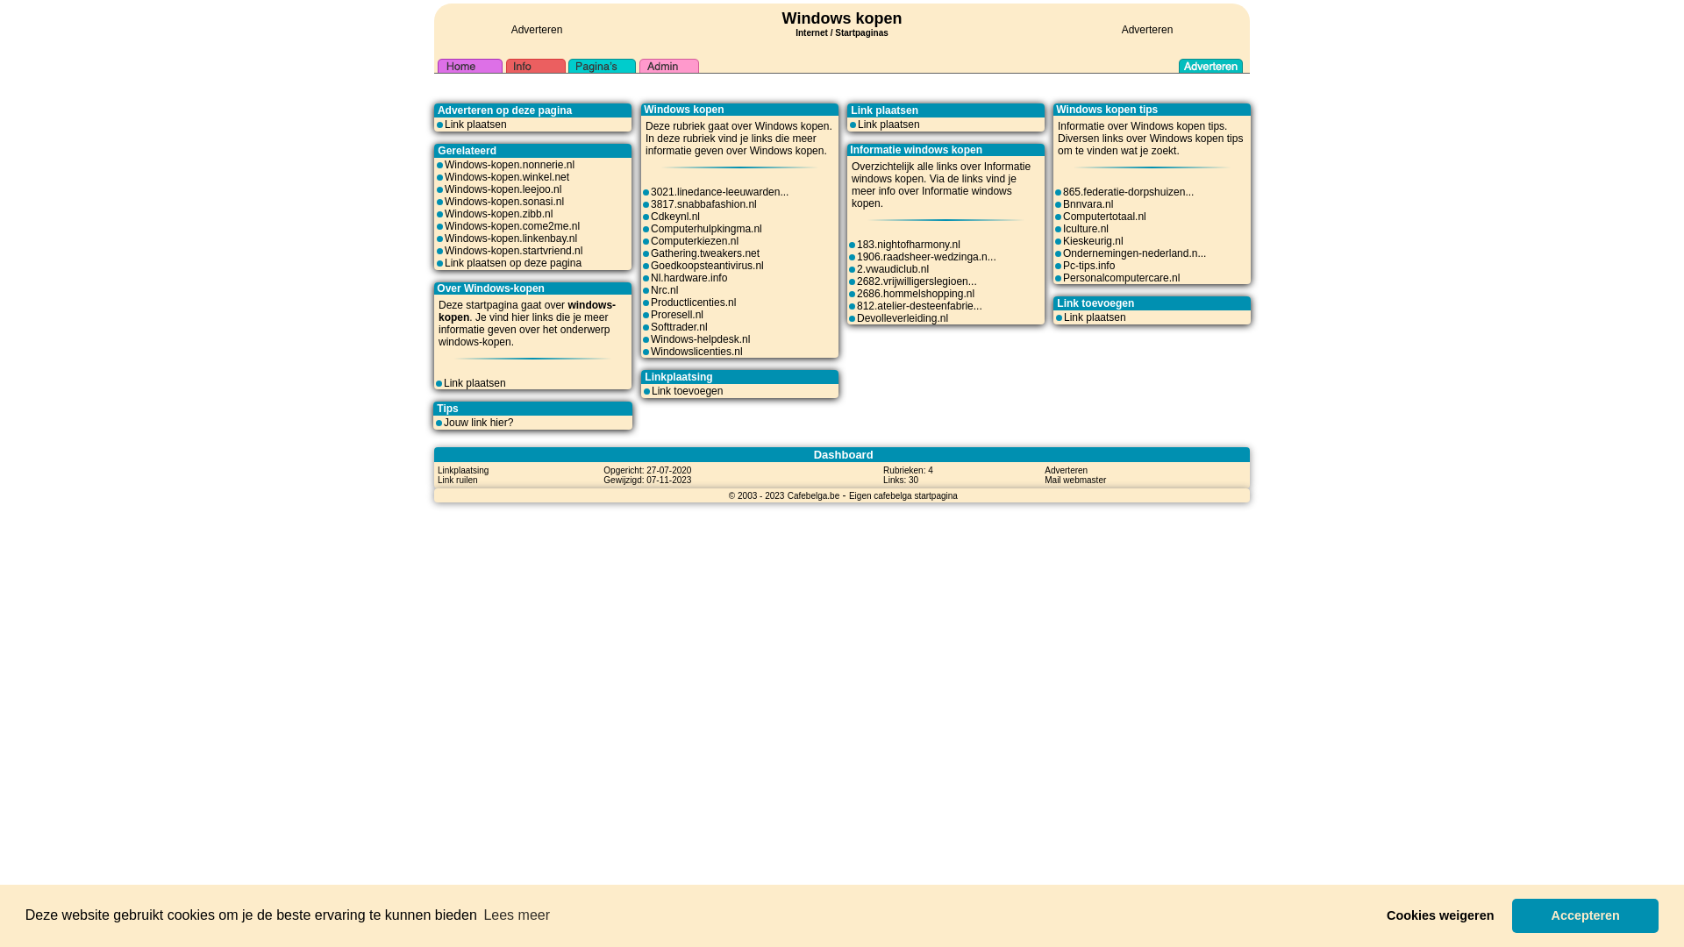  Describe the element at coordinates (719, 192) in the screenshot. I see `'3021.linedance-leeuwarden...'` at that location.